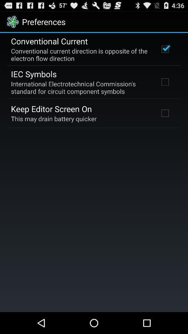 This screenshot has height=334, width=188. What do you see at coordinates (53, 119) in the screenshot?
I see `the app below keep editor screen` at bounding box center [53, 119].